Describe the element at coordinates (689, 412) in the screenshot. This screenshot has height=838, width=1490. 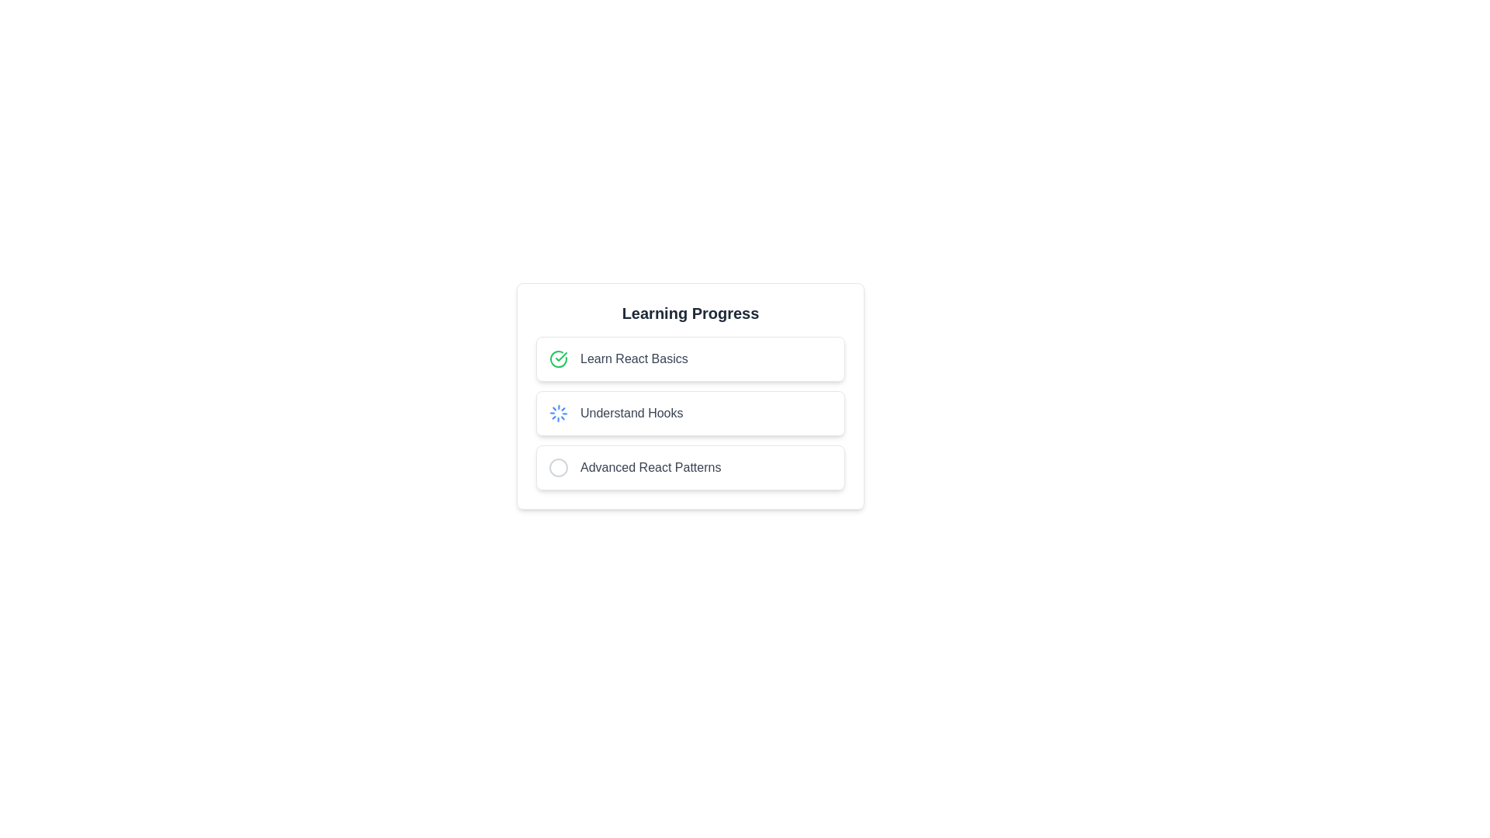
I see `the progress step section in the learning module, which is the second item in a vertical stack indicating that this step is currently in progress` at that location.